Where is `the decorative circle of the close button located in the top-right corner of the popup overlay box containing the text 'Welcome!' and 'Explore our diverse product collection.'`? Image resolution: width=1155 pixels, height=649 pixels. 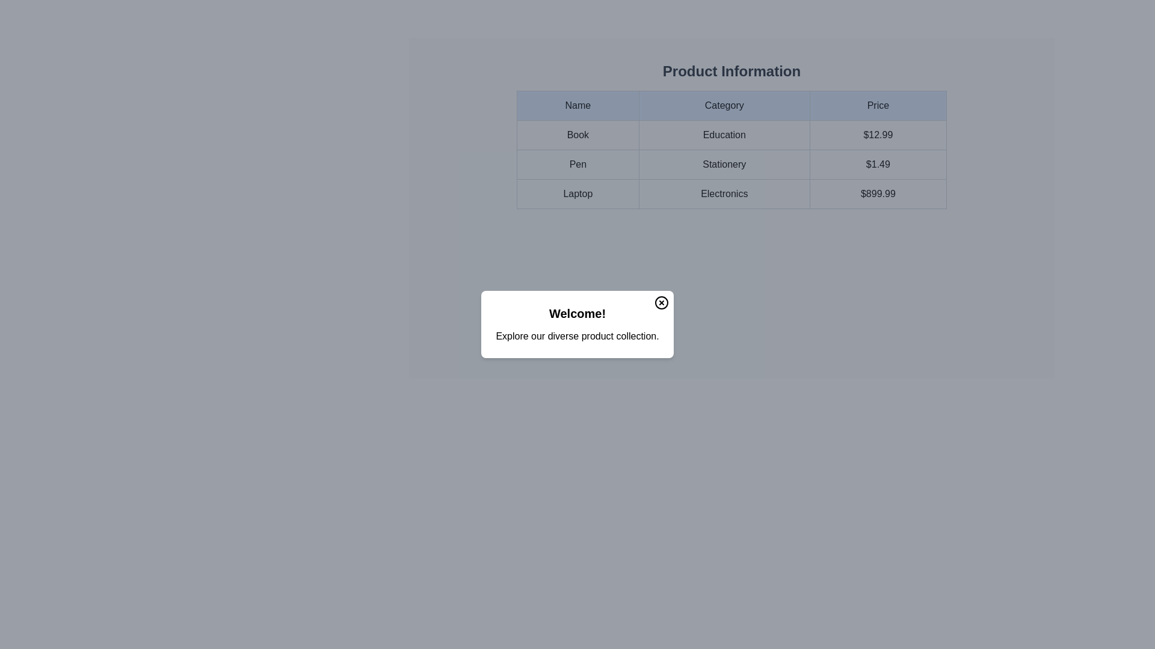
the decorative circle of the close button located in the top-right corner of the popup overlay box containing the text 'Welcome!' and 'Explore our diverse product collection.' is located at coordinates (661, 302).